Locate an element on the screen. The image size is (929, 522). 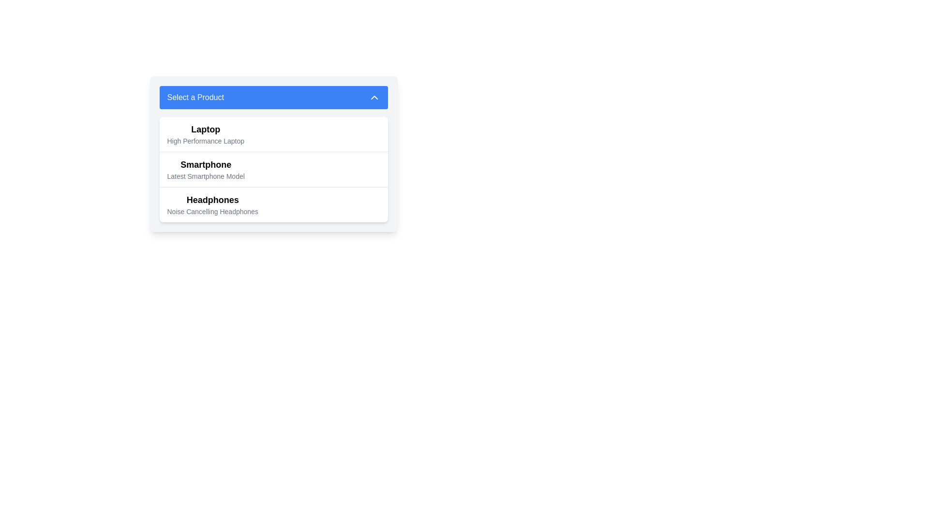
the upward-pointing chevron icon located on the right side of the 'Select a Product' header is located at coordinates (374, 97).